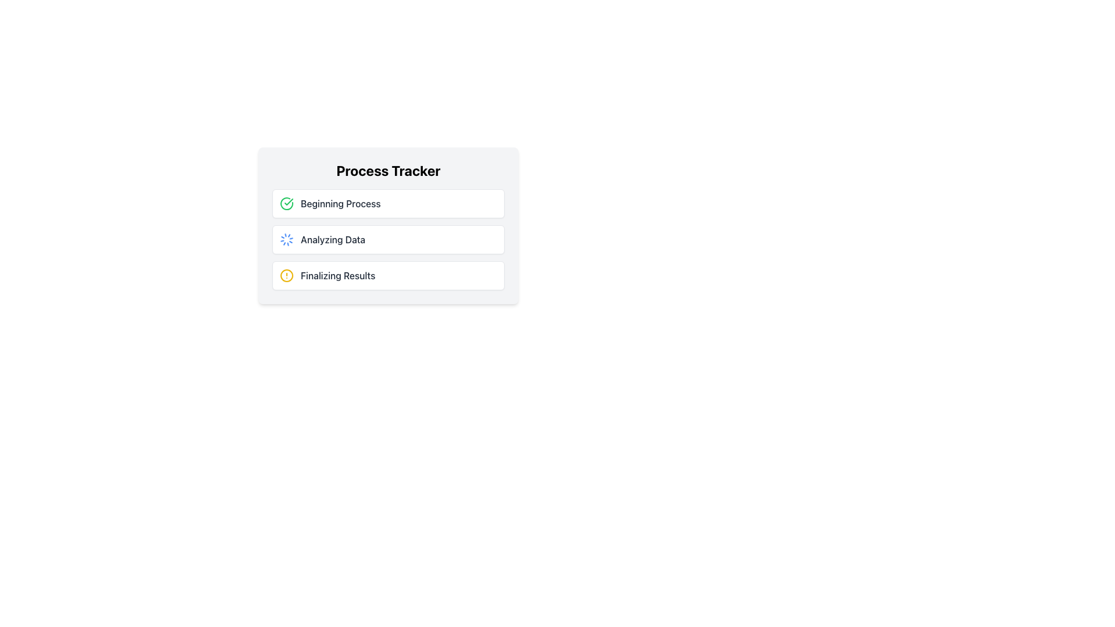 The width and height of the screenshot is (1115, 627). I want to click on label 'Beginning Process' which is a textual label styled with medium font weight and dark gray color, located at the top of the list under the 'Process Tracker' heading, so click(329, 203).